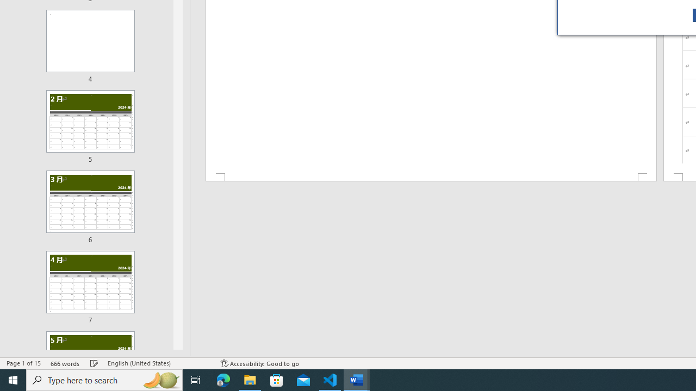  I want to click on 'File Explorer - 1 running window', so click(250, 379).